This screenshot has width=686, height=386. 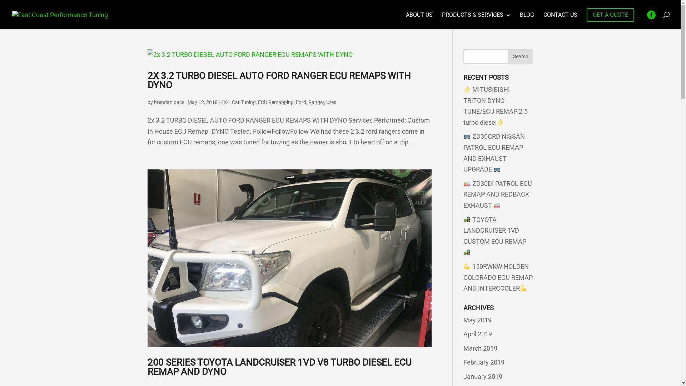 What do you see at coordinates (497, 194) in the screenshot?
I see `'ZD30DI PATROL ECU REMAP AND REDBACK EXHAUST'` at bounding box center [497, 194].